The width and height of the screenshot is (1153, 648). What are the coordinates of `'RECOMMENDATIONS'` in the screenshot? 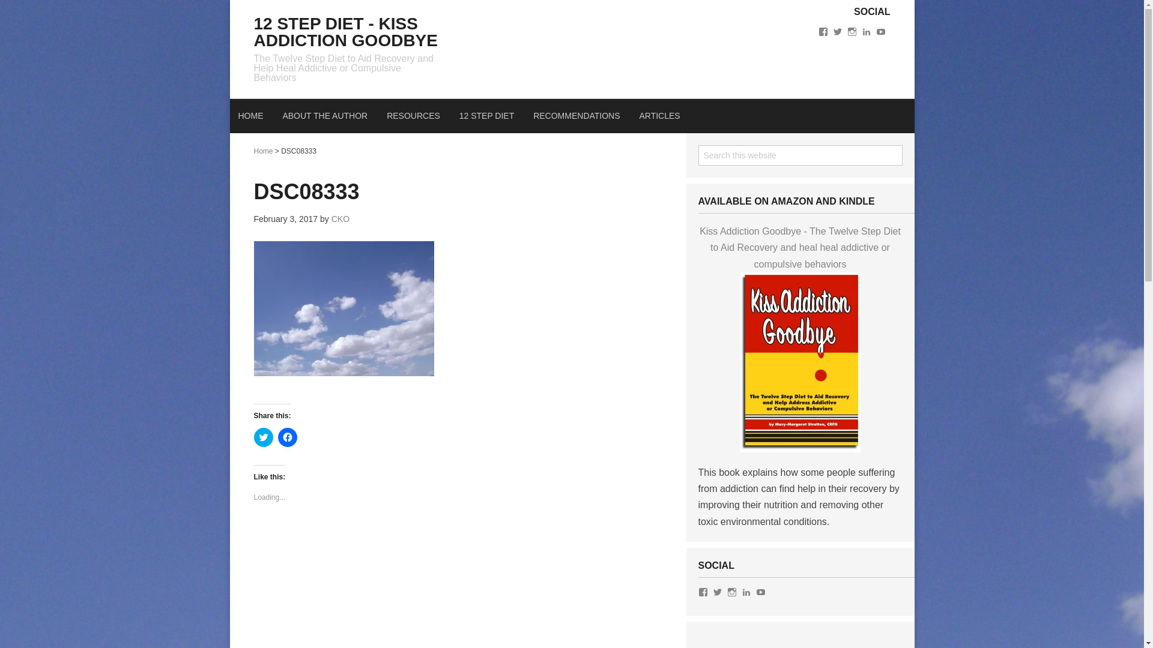 It's located at (576, 116).